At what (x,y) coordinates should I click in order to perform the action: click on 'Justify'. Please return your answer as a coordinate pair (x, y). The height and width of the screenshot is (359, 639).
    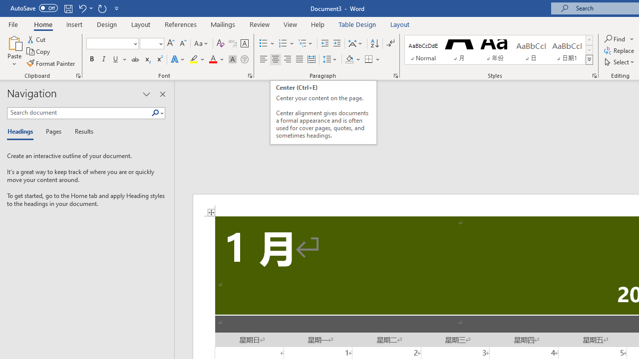
    Looking at the image, I should click on (299, 59).